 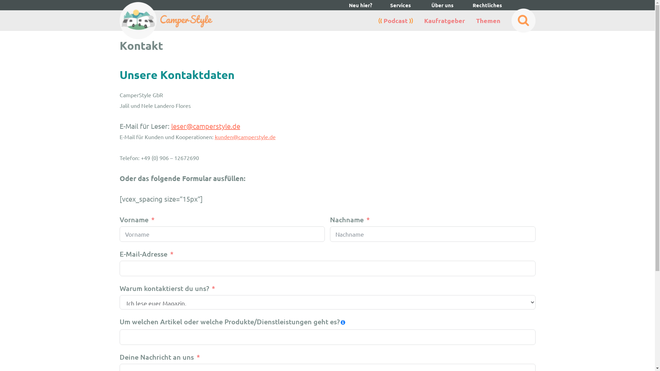 I want to click on 'Neu hier?', so click(x=364, y=5).